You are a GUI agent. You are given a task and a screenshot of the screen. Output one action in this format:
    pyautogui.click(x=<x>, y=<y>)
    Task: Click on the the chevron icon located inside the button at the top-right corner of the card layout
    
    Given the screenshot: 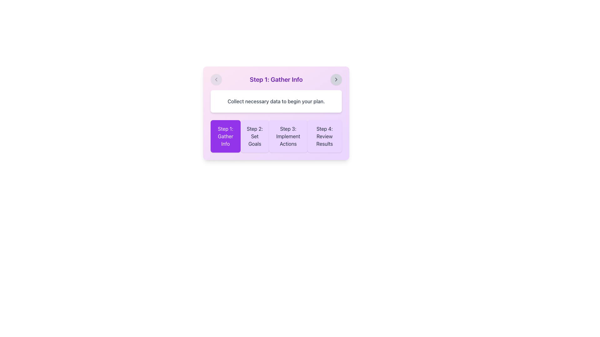 What is the action you would take?
    pyautogui.click(x=336, y=79)
    